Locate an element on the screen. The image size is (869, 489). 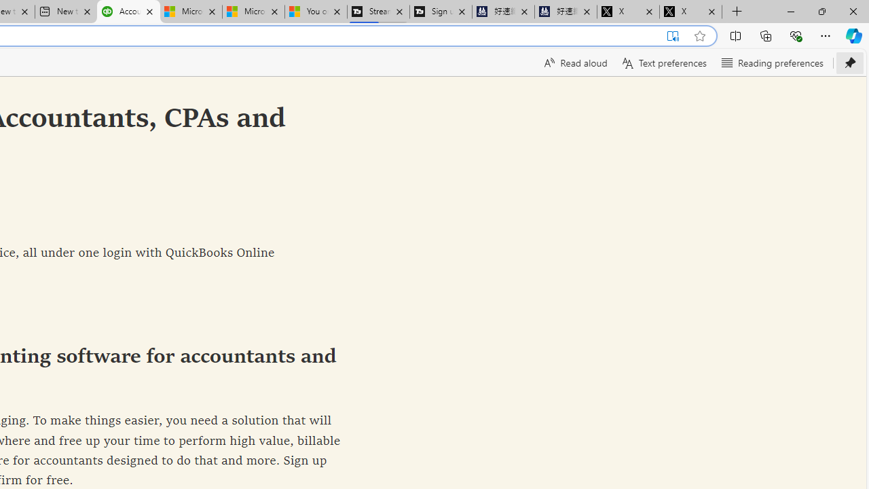
'Text preferences' is located at coordinates (663, 62).